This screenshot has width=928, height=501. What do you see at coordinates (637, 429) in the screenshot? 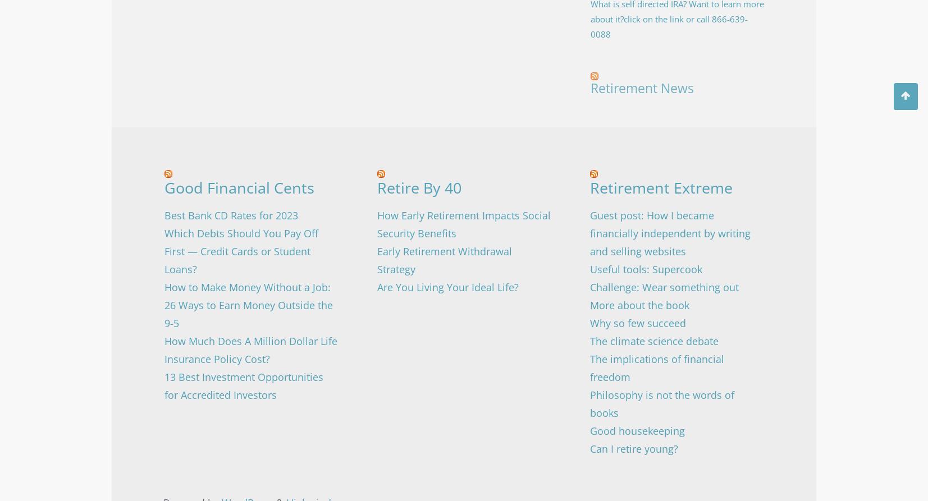
I see `'Good housekeeping'` at bounding box center [637, 429].